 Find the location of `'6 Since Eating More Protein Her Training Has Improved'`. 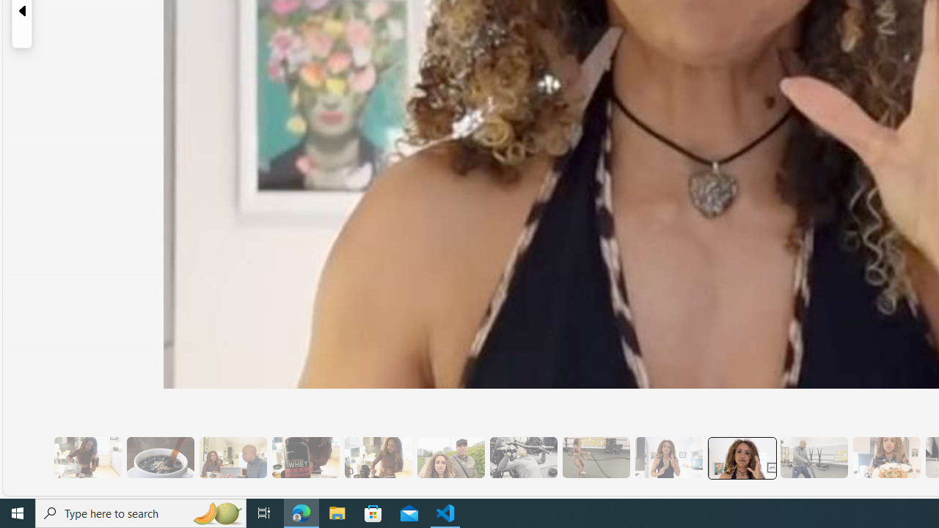

'6 Since Eating More Protein Her Training Has Improved' is located at coordinates (304, 457).